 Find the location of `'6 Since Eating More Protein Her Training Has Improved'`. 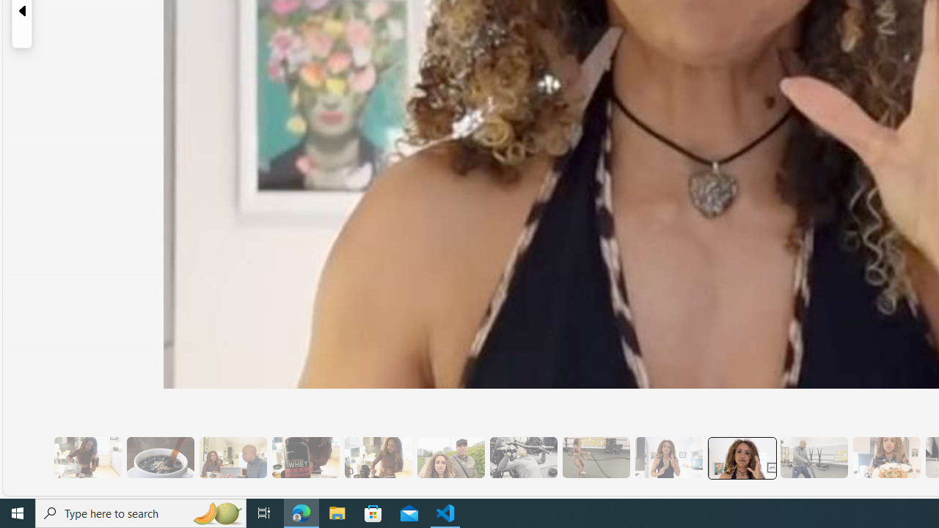

'6 Since Eating More Protein Her Training Has Improved' is located at coordinates (304, 457).